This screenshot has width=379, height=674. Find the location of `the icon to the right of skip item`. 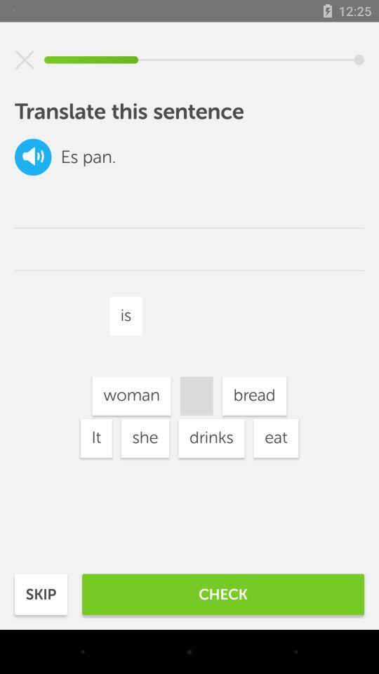

the icon to the right of skip item is located at coordinates (223, 593).